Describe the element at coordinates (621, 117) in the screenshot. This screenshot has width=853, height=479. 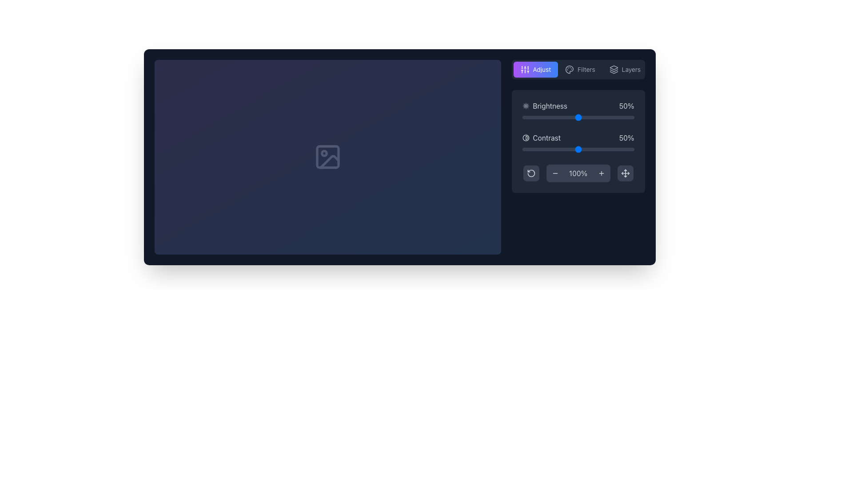
I see `the slider value` at that location.